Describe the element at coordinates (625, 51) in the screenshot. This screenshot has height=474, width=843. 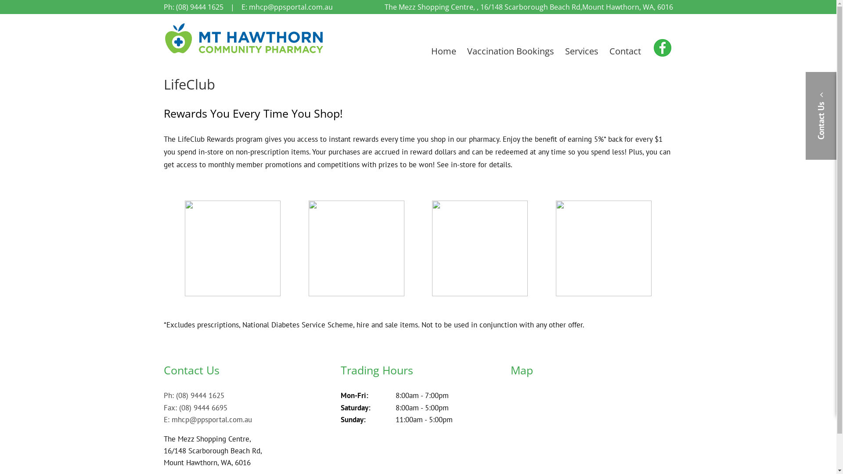
I see `'Contact'` at that location.